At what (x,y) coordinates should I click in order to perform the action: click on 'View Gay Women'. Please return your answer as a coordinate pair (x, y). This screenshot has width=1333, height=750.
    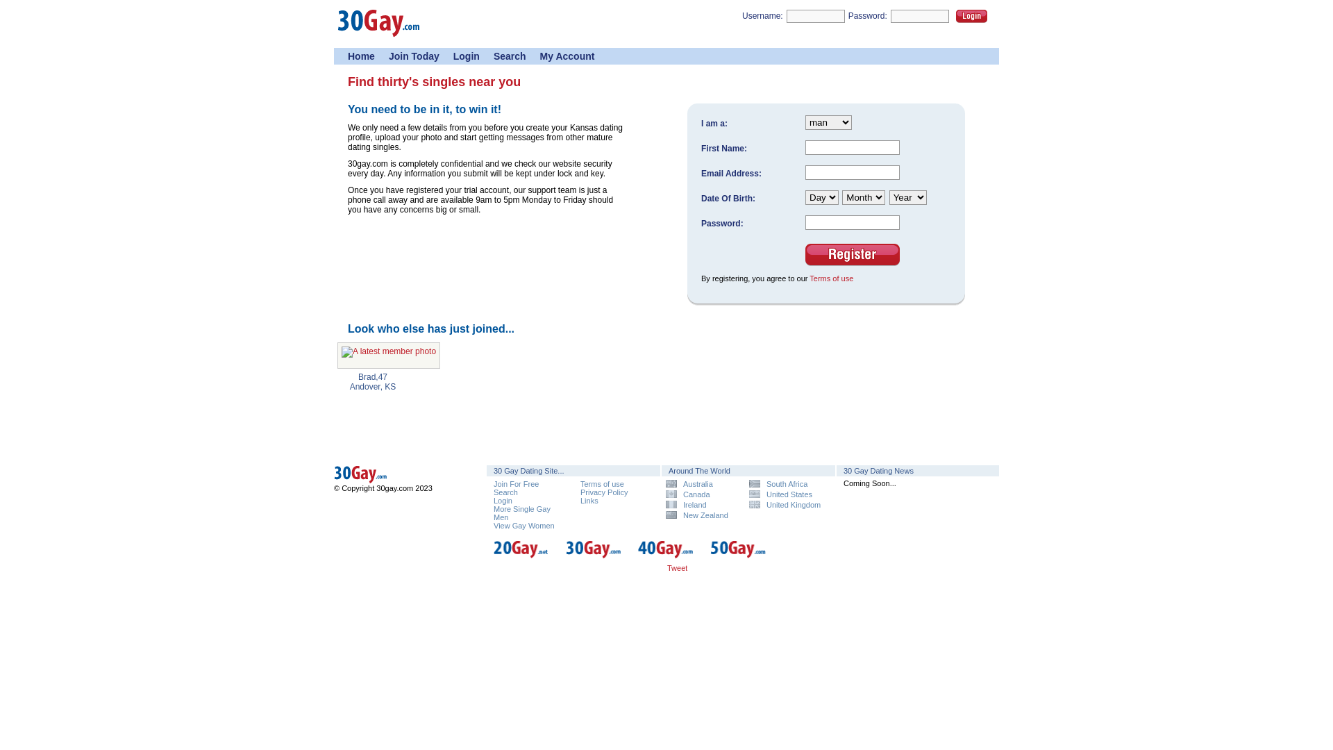
    Looking at the image, I should click on (523, 525).